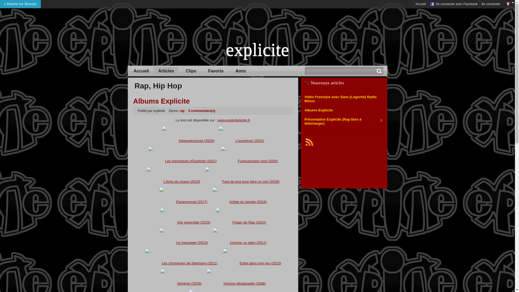 This screenshot has width=519, height=292. I want to click on 'www.explicitelesite.fr', so click(234, 120).